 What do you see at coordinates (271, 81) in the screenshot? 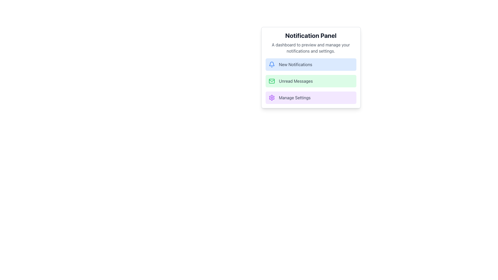
I see `the context associated with the envelope icon indicating unread messages, which is located in the second row of the notification panel` at bounding box center [271, 81].